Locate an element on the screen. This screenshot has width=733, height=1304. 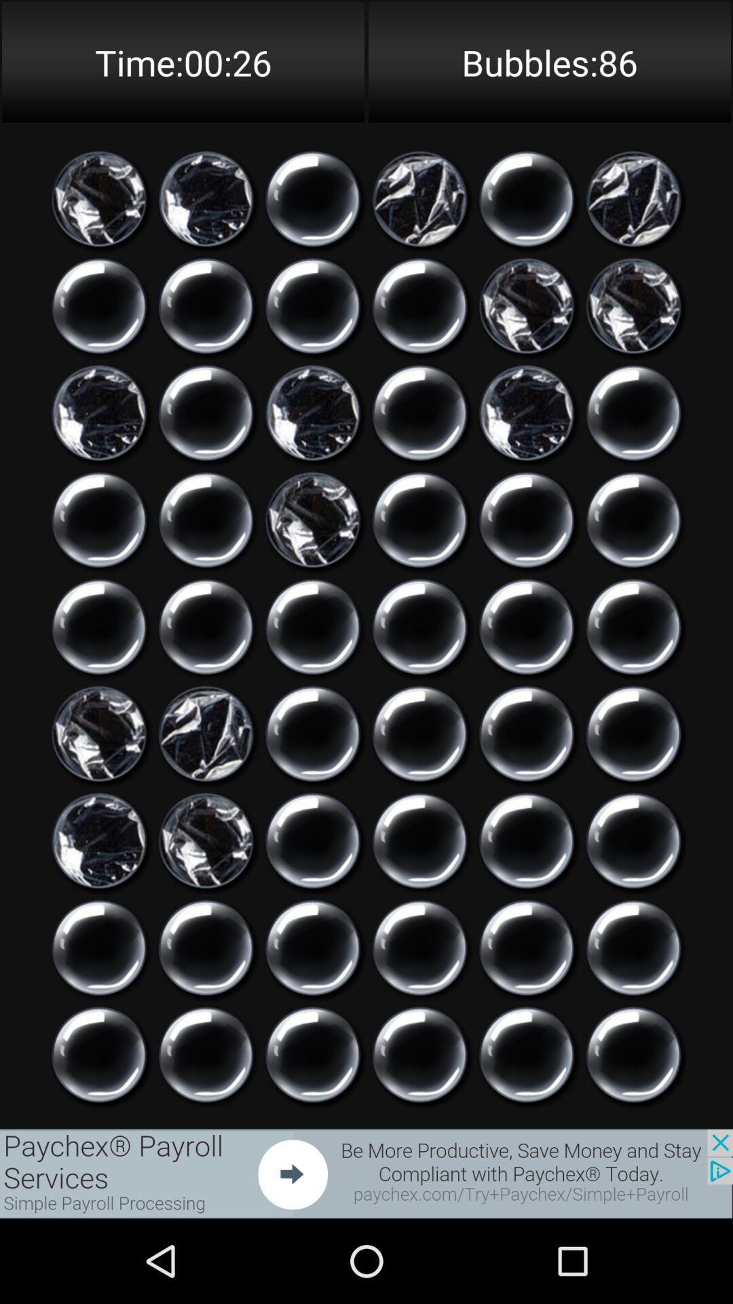
burst the bubble is located at coordinates (633, 840).